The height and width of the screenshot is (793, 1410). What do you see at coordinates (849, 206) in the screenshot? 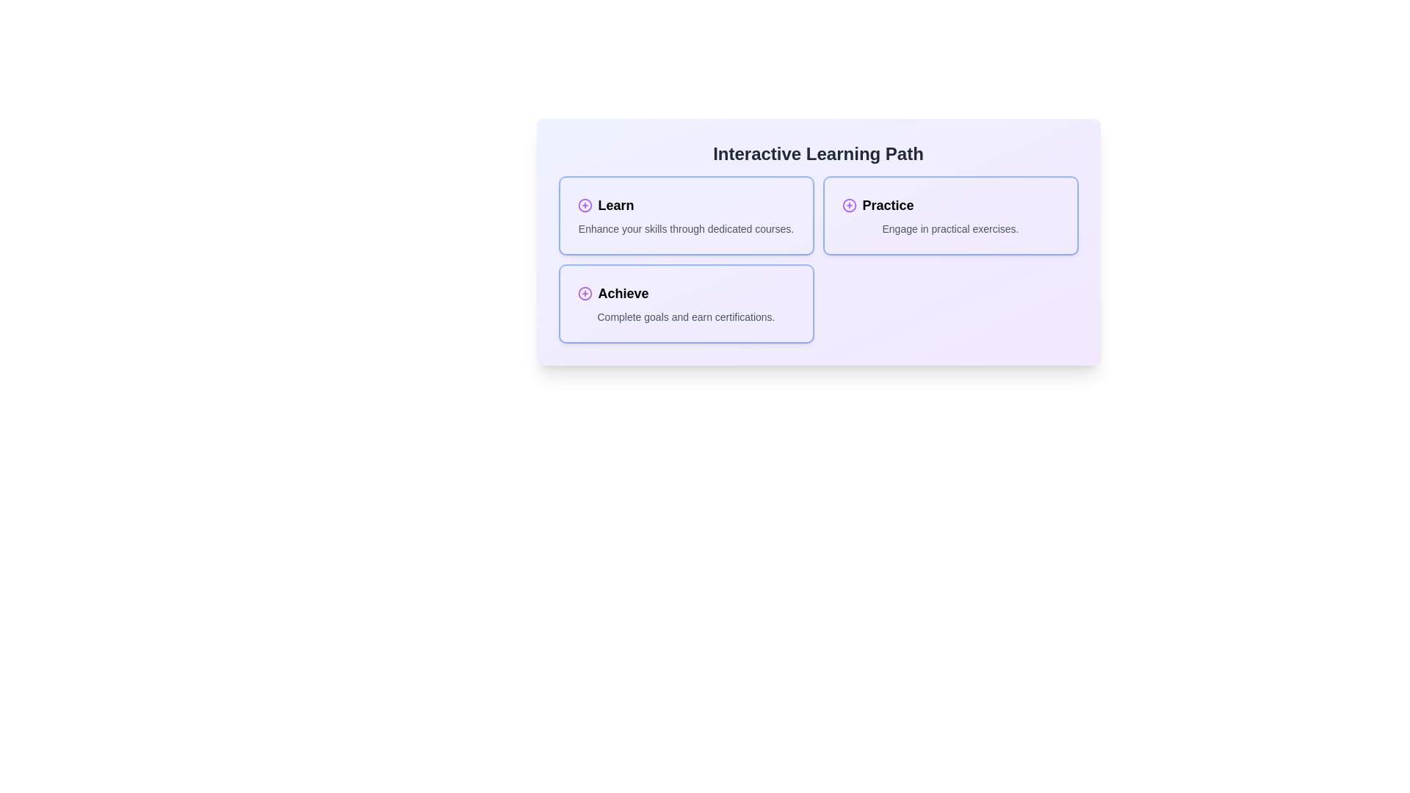
I see `the circle with a purple outline representing the '+' symbol inside it, located in the 'Practice' section card in the upper right quadrant of the user interface` at bounding box center [849, 206].